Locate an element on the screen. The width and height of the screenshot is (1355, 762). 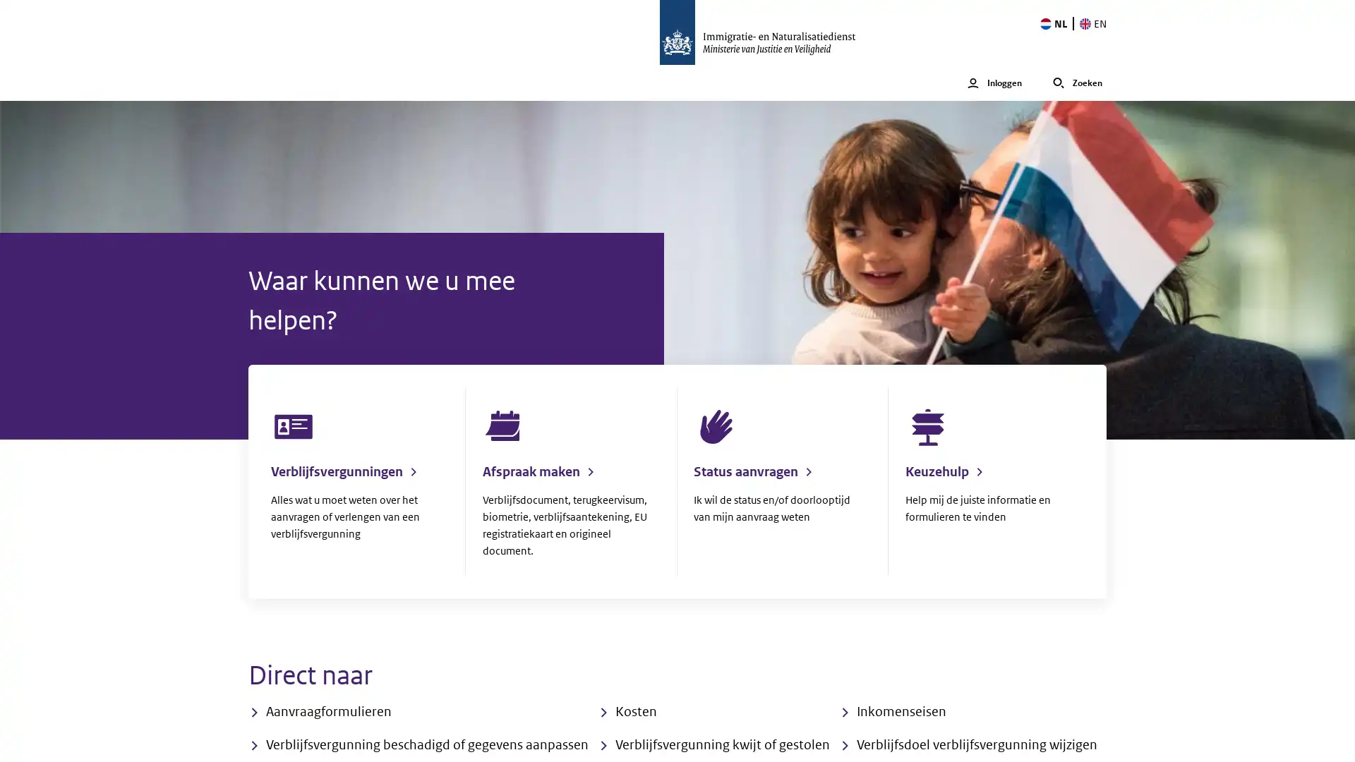
1 Zoeken is located at coordinates (1076, 83).